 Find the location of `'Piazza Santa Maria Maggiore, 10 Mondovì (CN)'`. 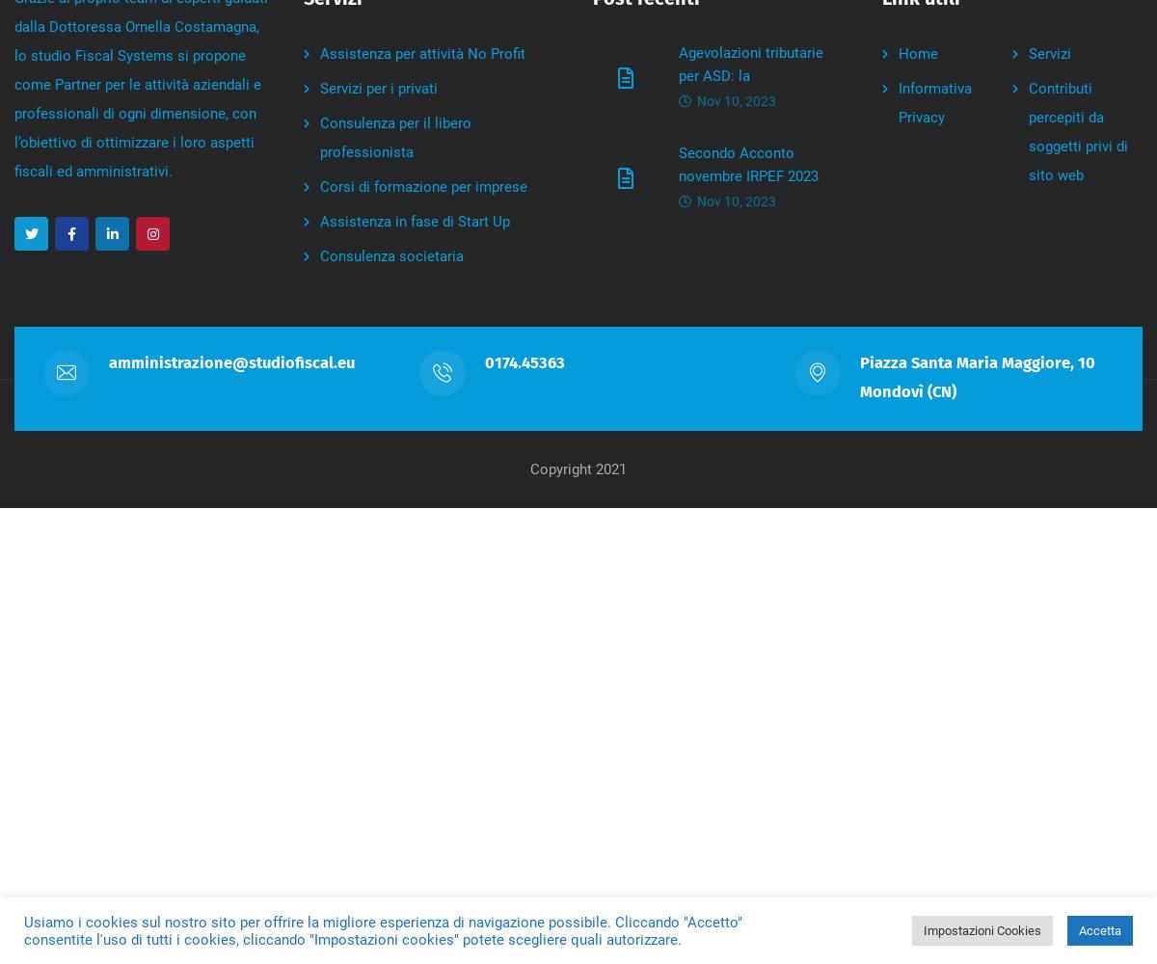

'Piazza Santa Maria Maggiore, 10 Mondovì (CN)' is located at coordinates (978, 377).